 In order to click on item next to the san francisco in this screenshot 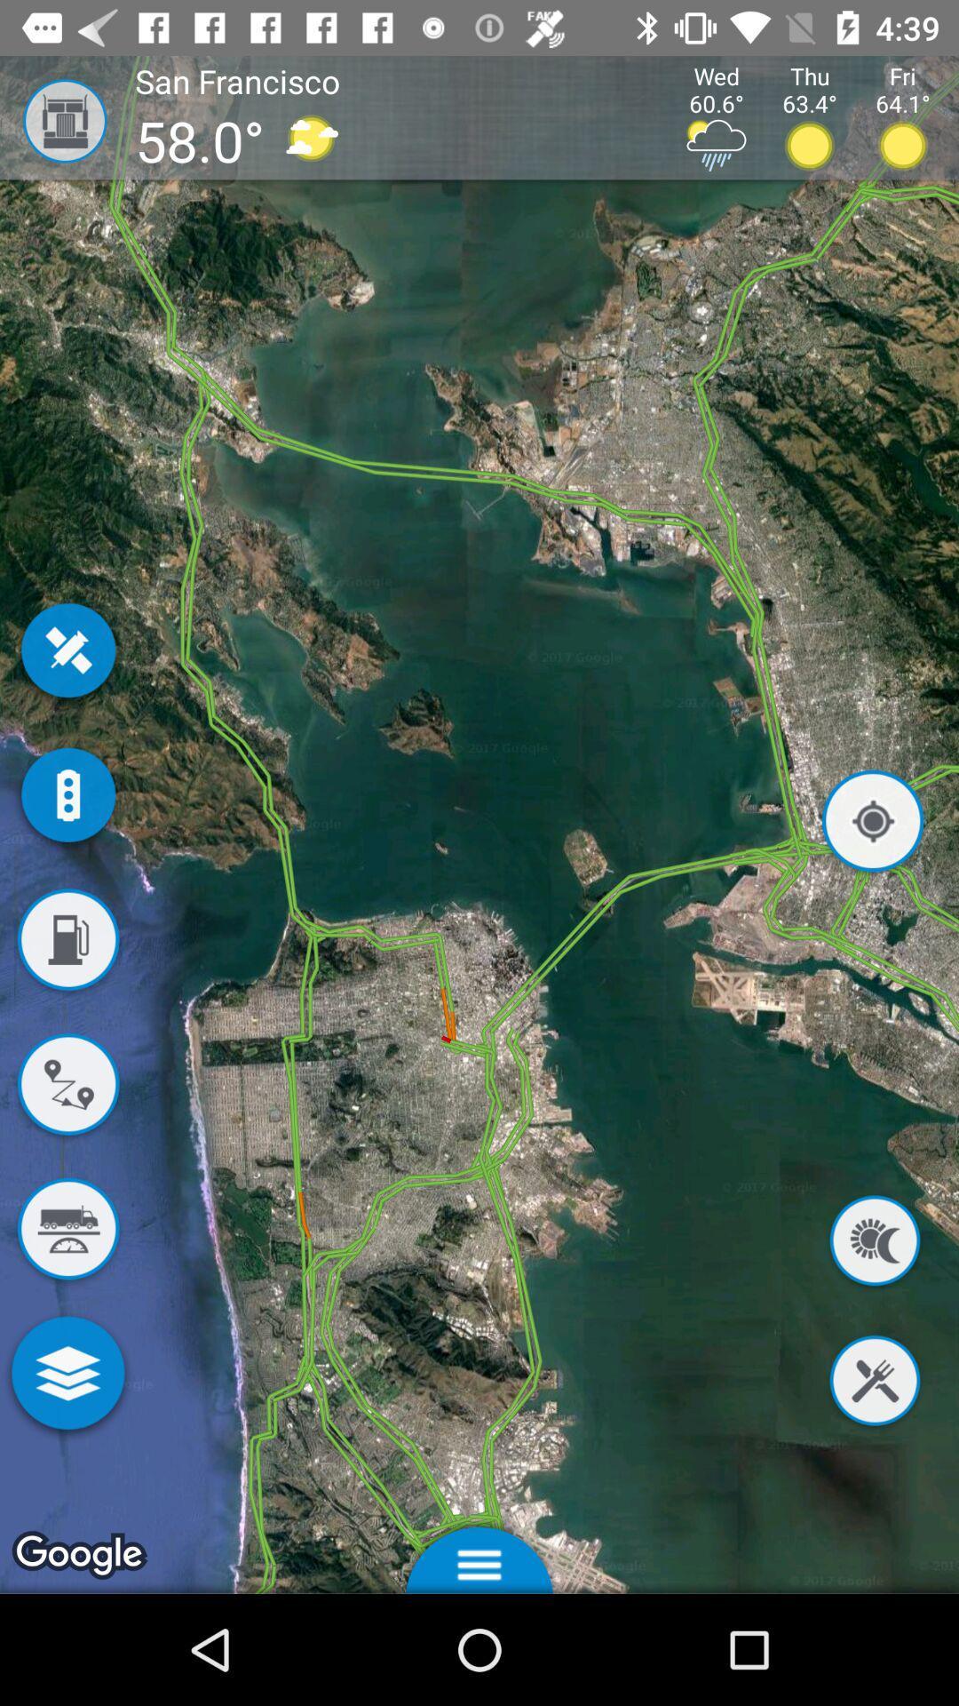, I will do `click(52, 120)`.